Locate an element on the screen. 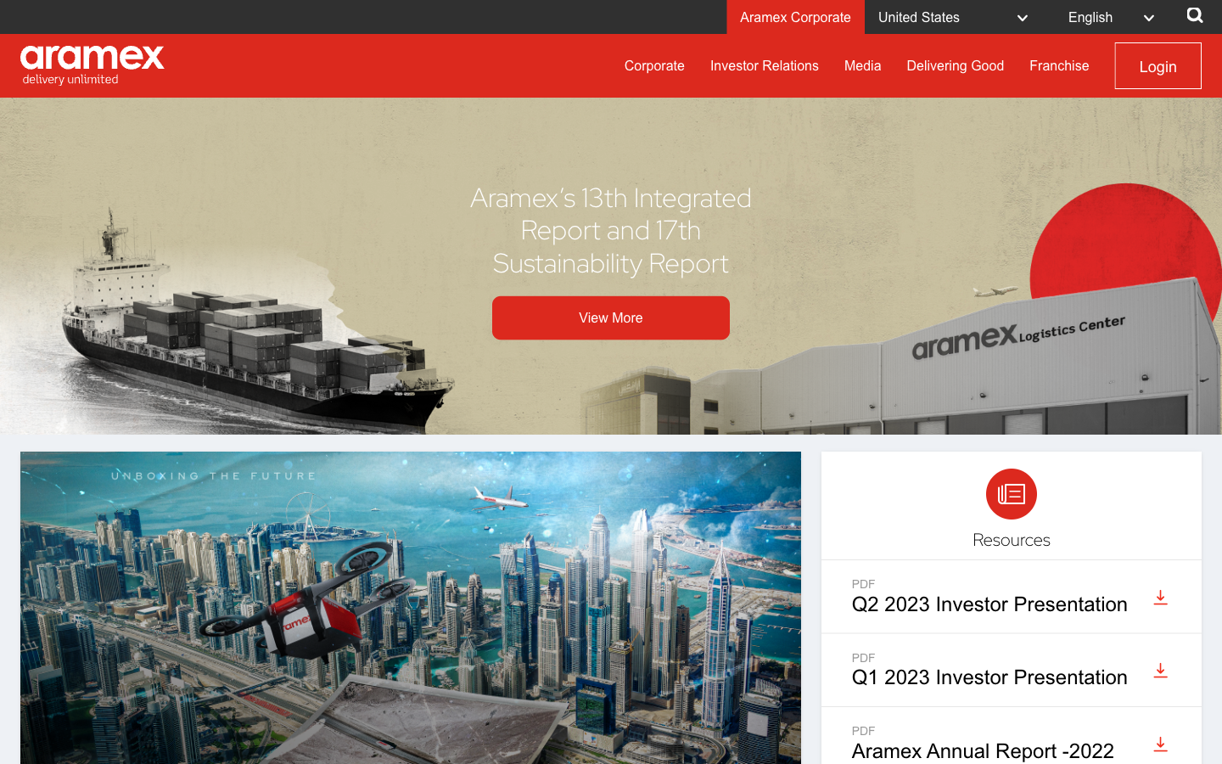 The width and height of the screenshot is (1222, 764). Change the language of the page to the second option in the drop down menu is located at coordinates (1116, 15).